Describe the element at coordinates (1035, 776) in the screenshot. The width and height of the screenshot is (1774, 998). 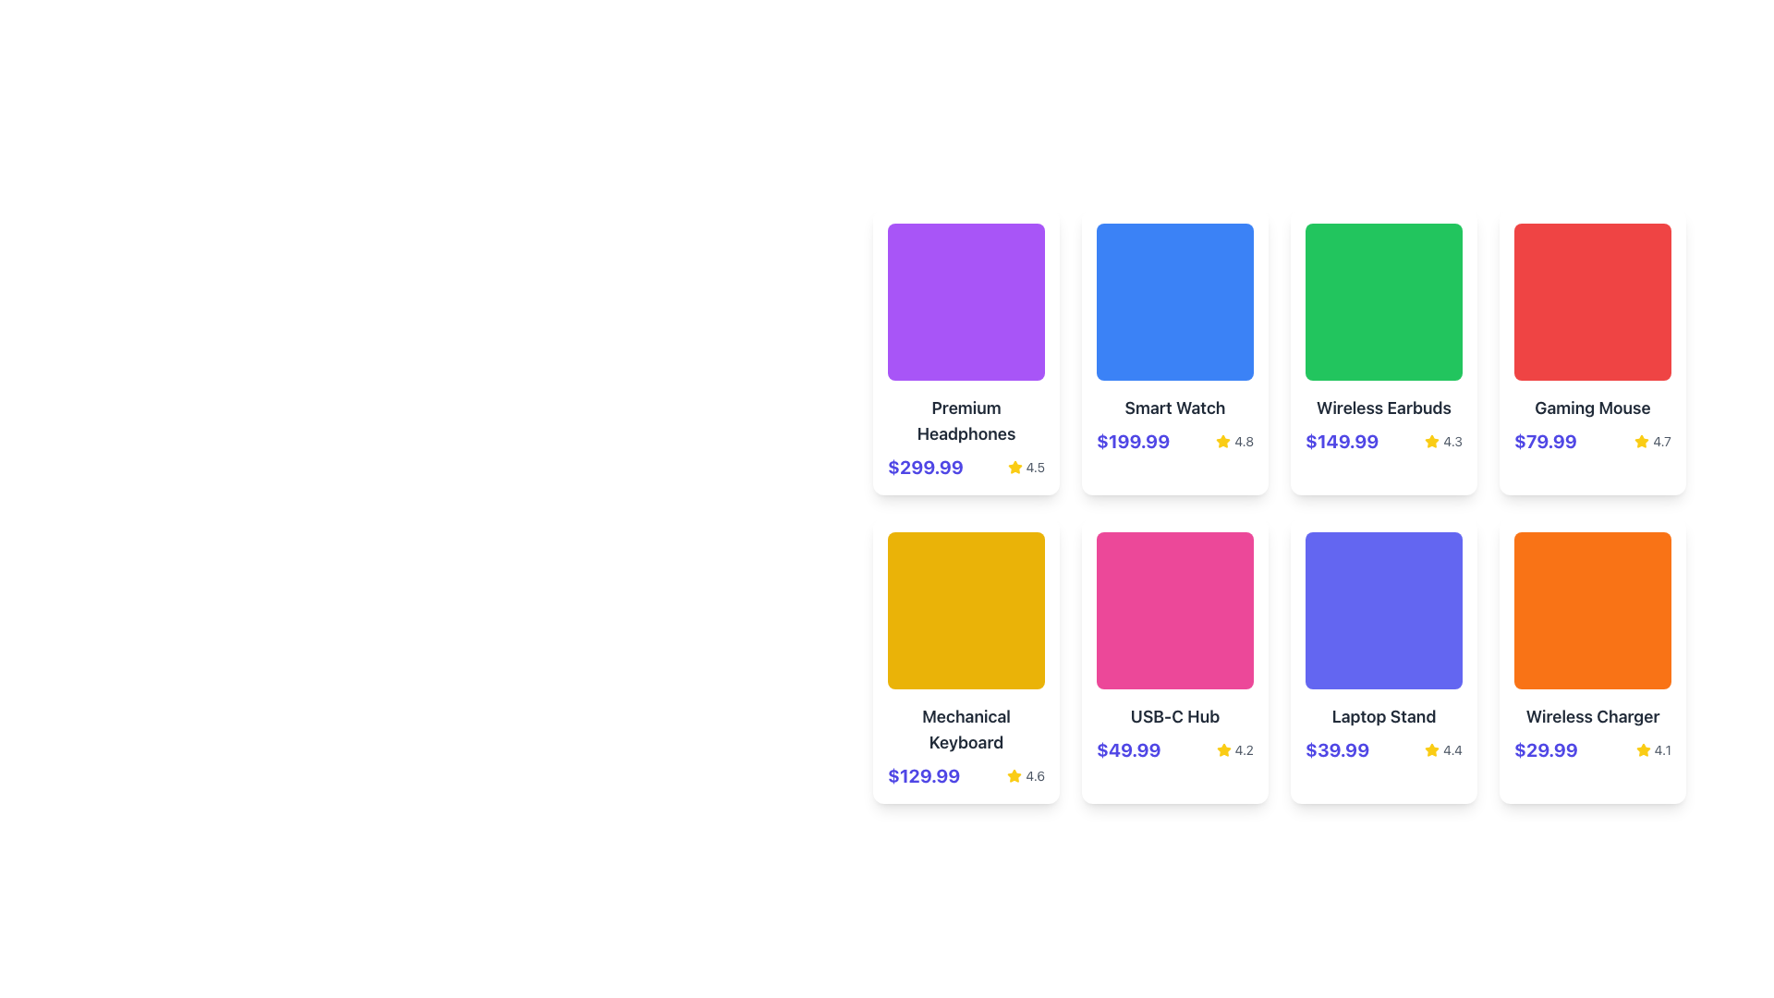
I see `text label indicating the rating value associated with the product 'Mechanical Keyboard', which is located in the bottom-right corner of the card and is part of a group with a yellow star icon` at that location.